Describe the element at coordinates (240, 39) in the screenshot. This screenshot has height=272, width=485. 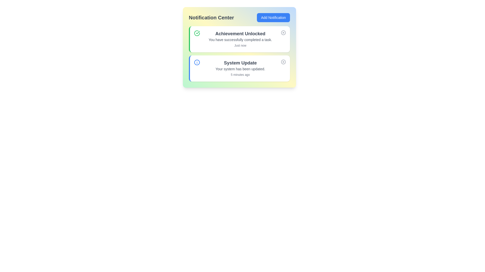
I see `notification text displayed in the top notification card of the notification center UI, which informs the user about a recently unlocked achievement` at that location.